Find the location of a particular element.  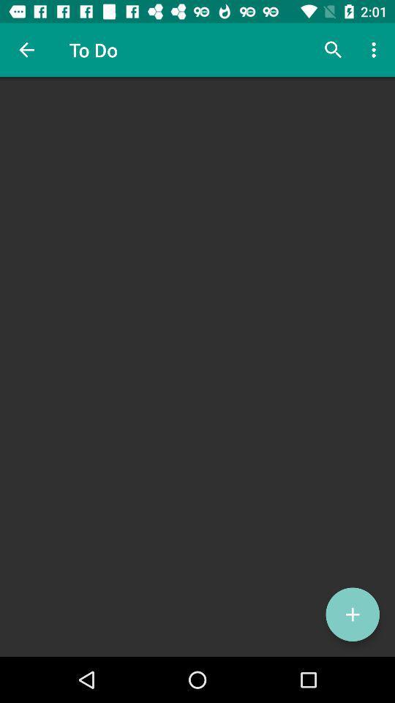

item at the bottom right corner is located at coordinates (352, 614).